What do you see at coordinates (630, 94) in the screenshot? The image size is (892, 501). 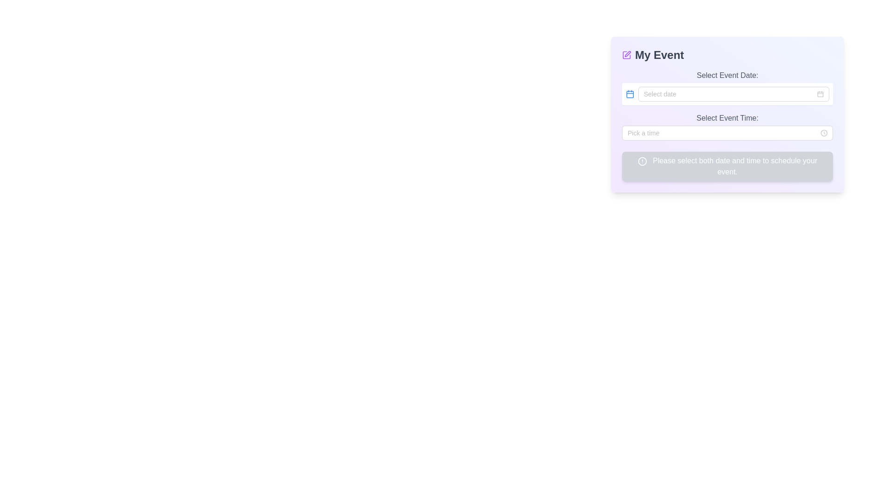 I see `the decorative graphical element with rounded edges and a blue outline within the calendar icon, located to the left of the 'Select date' input field in the 'My Event' form` at bounding box center [630, 94].